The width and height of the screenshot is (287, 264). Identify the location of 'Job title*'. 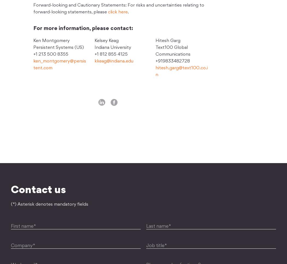
(156, 246).